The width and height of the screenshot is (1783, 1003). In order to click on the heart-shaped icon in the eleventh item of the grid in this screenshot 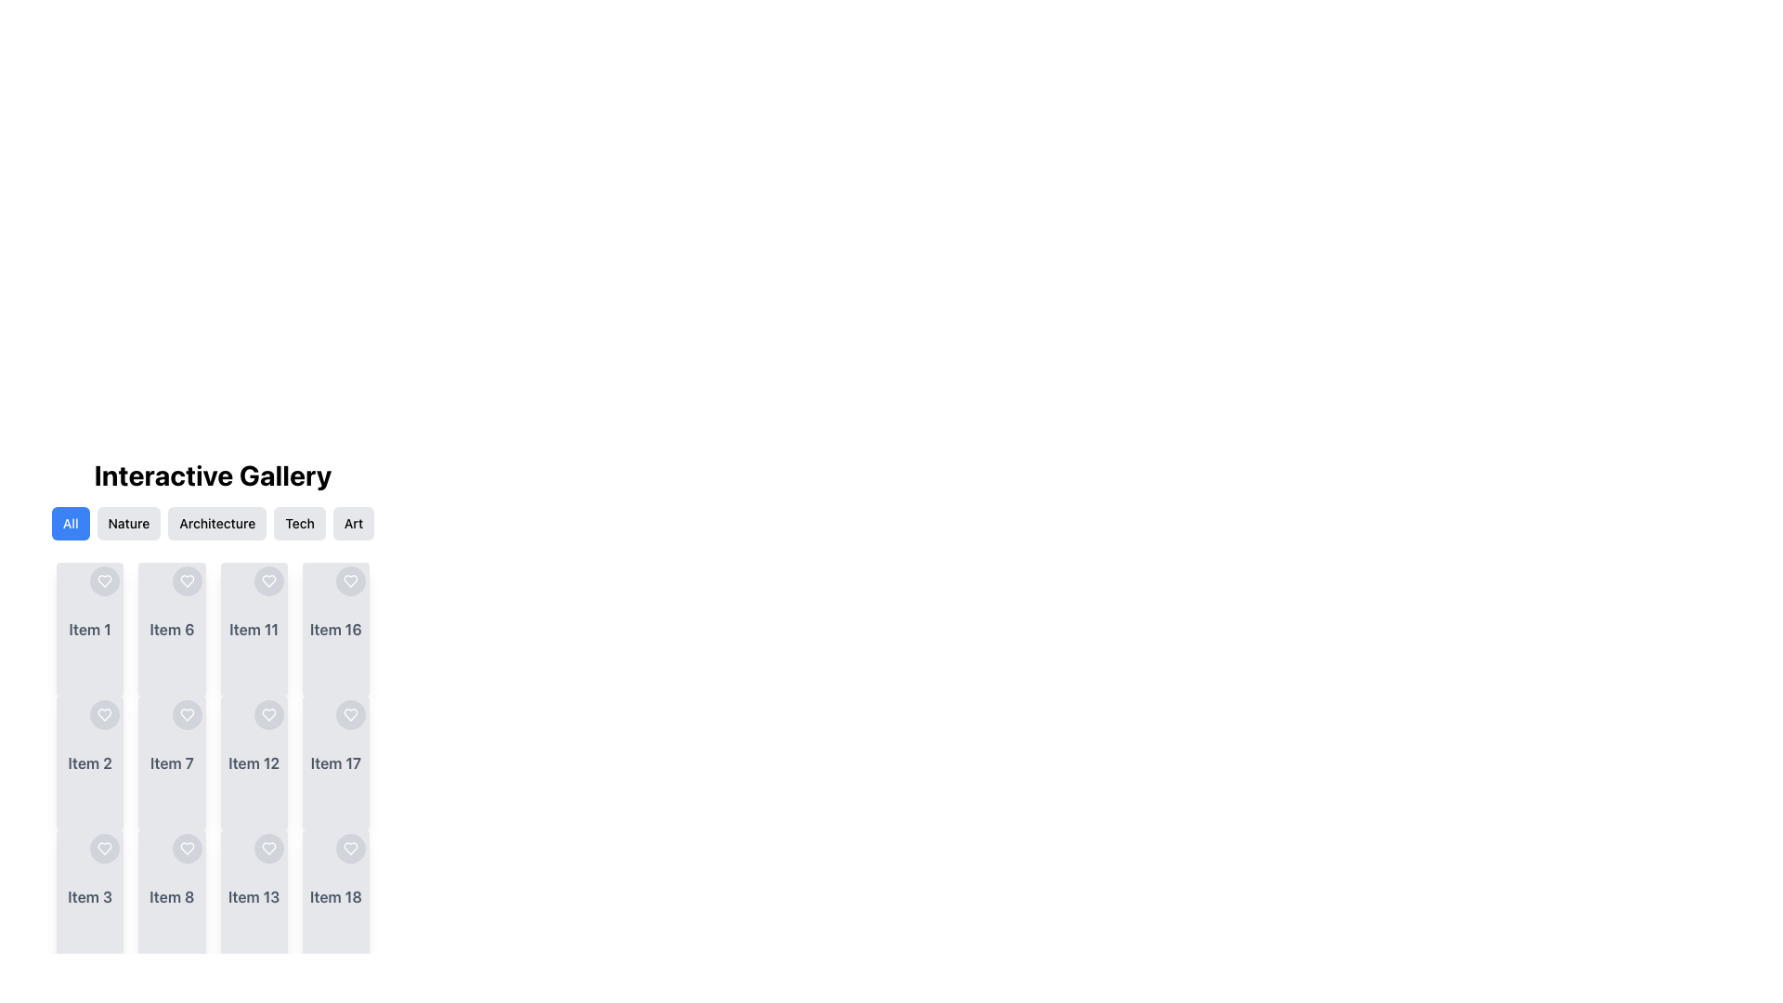, I will do `click(267, 580)`.